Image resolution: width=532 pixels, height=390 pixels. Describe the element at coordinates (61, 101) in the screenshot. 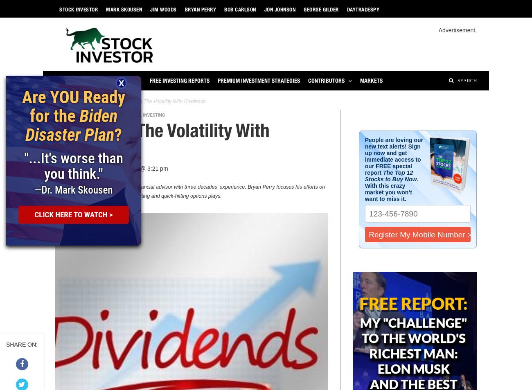

I see `'Home'` at that location.